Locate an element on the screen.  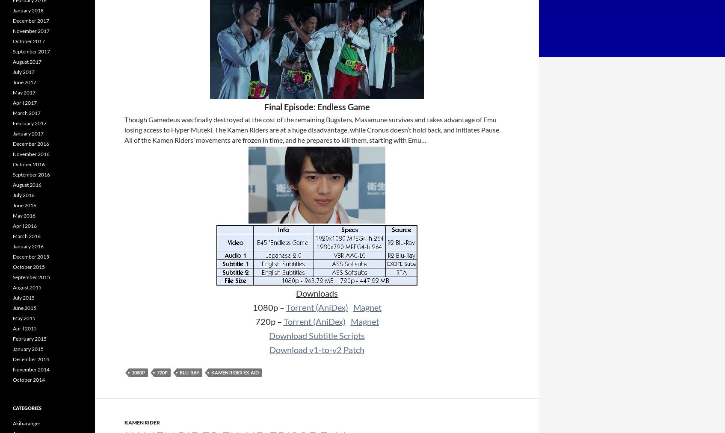
'Blu-ray' is located at coordinates (189, 372).